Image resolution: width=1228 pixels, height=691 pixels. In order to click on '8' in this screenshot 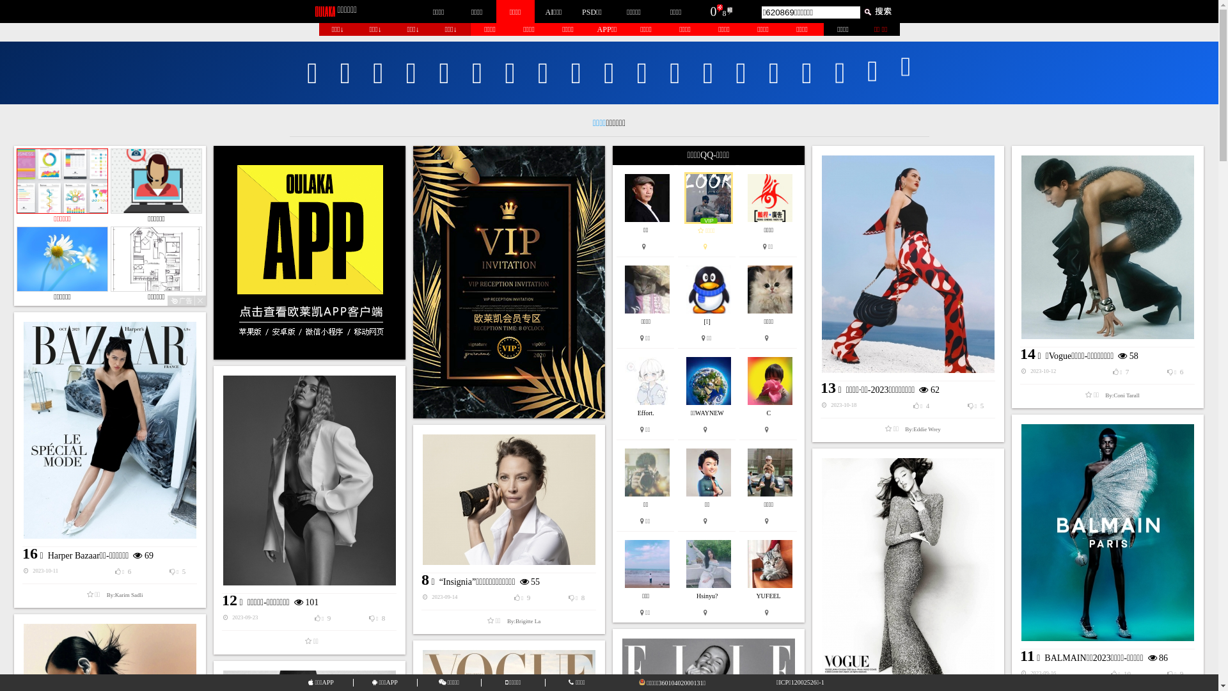, I will do `click(724, 13)`.